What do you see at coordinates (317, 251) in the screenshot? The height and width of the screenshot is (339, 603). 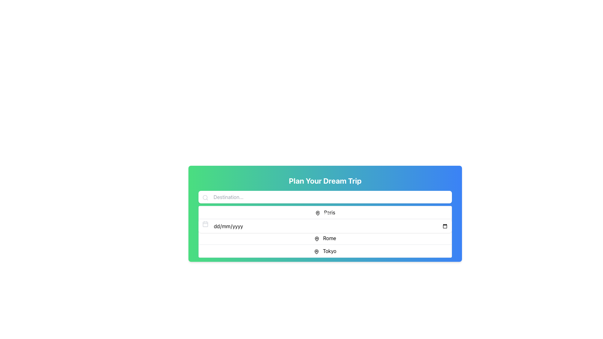 I see `the map pin icon located to the left of the text 'Tokyo' in the selectable list within the 'Plan Your Dream Trip' section` at bounding box center [317, 251].